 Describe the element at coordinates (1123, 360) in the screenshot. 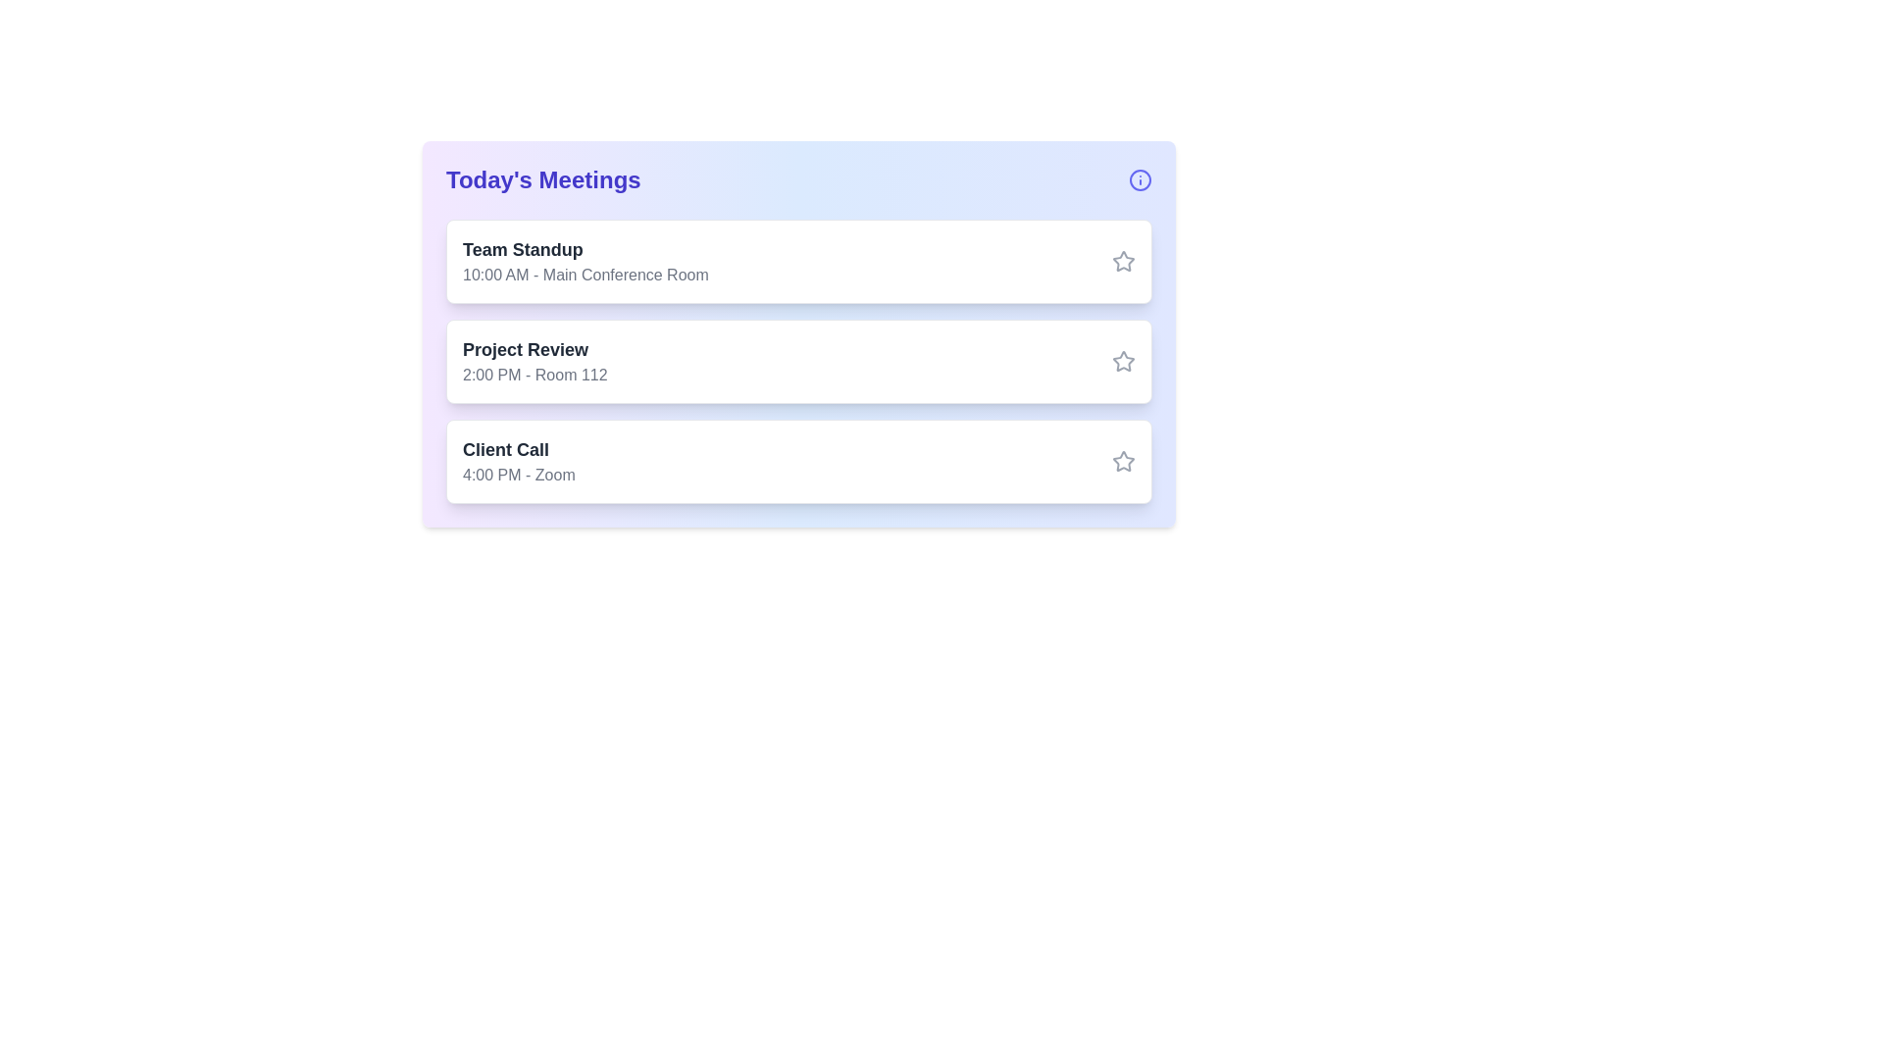

I see `the second star-shaped icon` at that location.